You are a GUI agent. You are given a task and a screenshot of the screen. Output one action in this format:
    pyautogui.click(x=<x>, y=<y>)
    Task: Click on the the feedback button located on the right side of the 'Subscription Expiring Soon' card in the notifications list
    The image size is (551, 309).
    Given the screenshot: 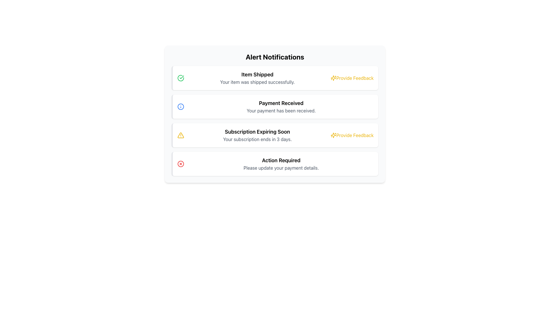 What is the action you would take?
    pyautogui.click(x=352, y=135)
    